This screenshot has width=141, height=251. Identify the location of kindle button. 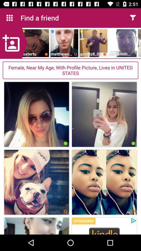
(104, 230).